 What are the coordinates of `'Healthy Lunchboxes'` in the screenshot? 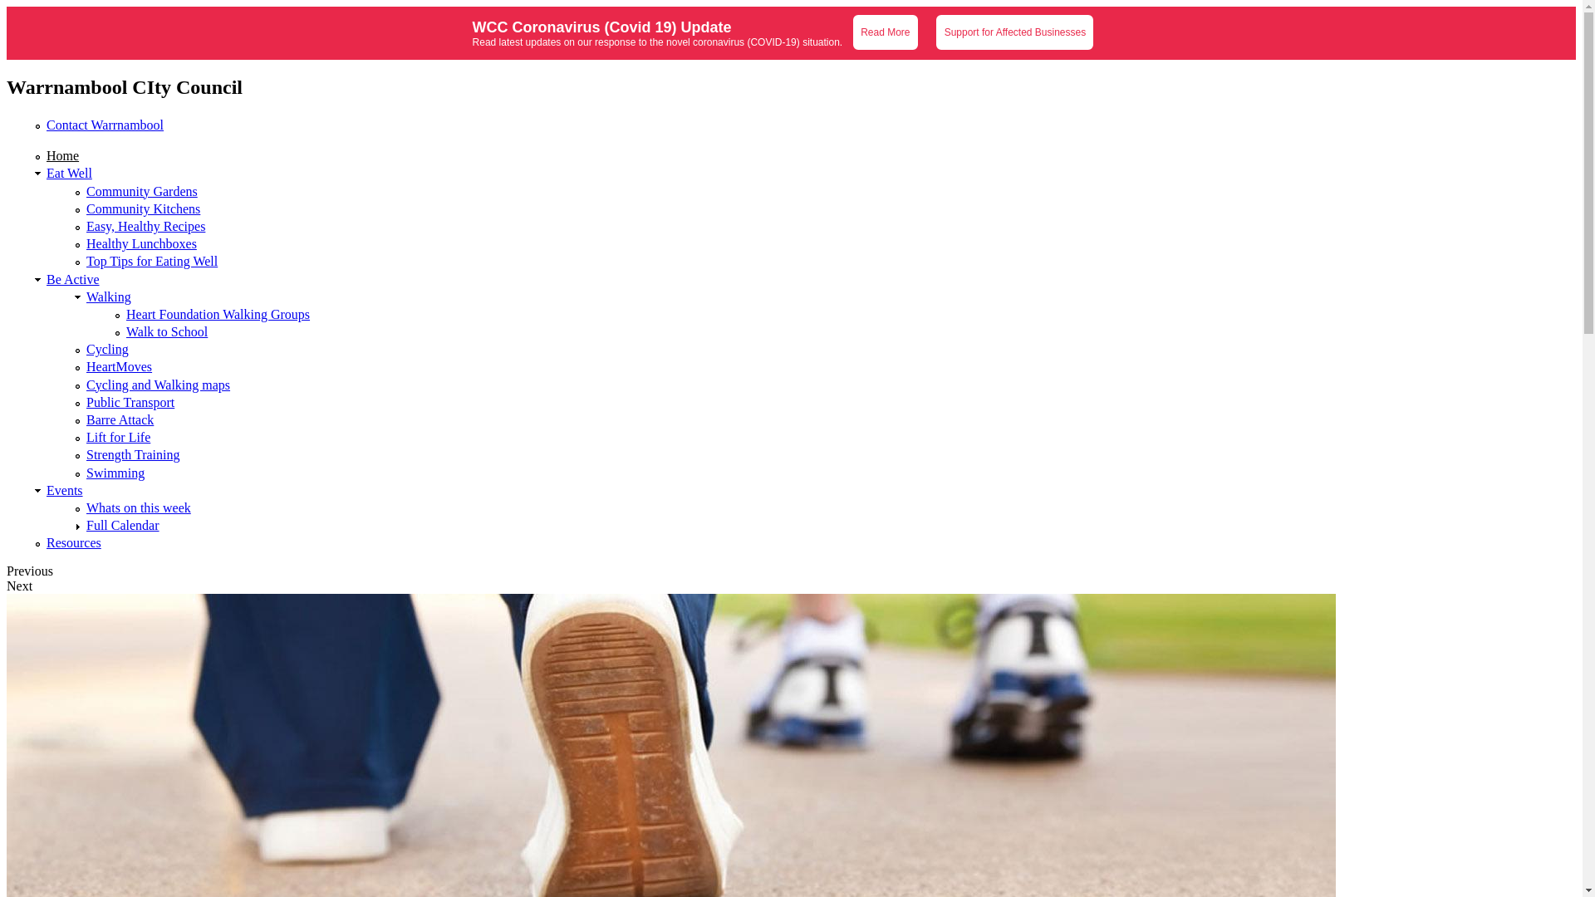 It's located at (141, 243).